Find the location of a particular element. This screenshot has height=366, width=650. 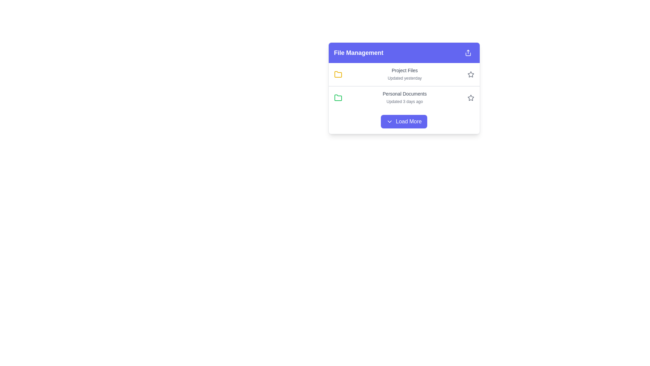

the folder icon with a green outline located in the 'File Management' section, specifically the second icon in the column next to 'Personal Documents' is located at coordinates (338, 98).